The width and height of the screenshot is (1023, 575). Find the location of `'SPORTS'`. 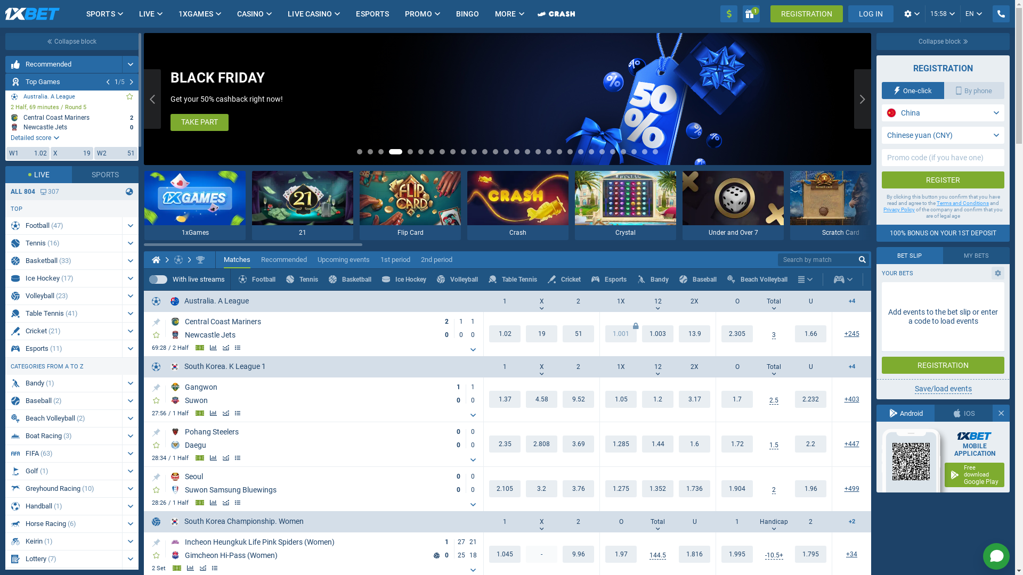

'SPORTS' is located at coordinates (100, 14).